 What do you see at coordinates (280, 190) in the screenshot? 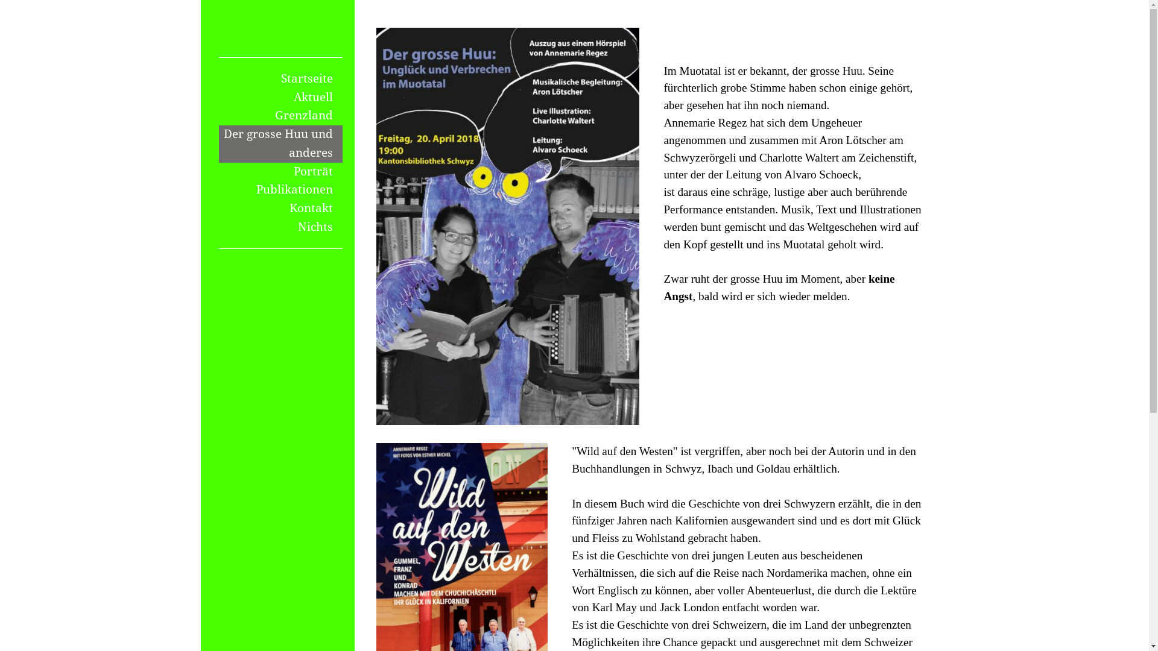
I see `'Publikationen'` at bounding box center [280, 190].